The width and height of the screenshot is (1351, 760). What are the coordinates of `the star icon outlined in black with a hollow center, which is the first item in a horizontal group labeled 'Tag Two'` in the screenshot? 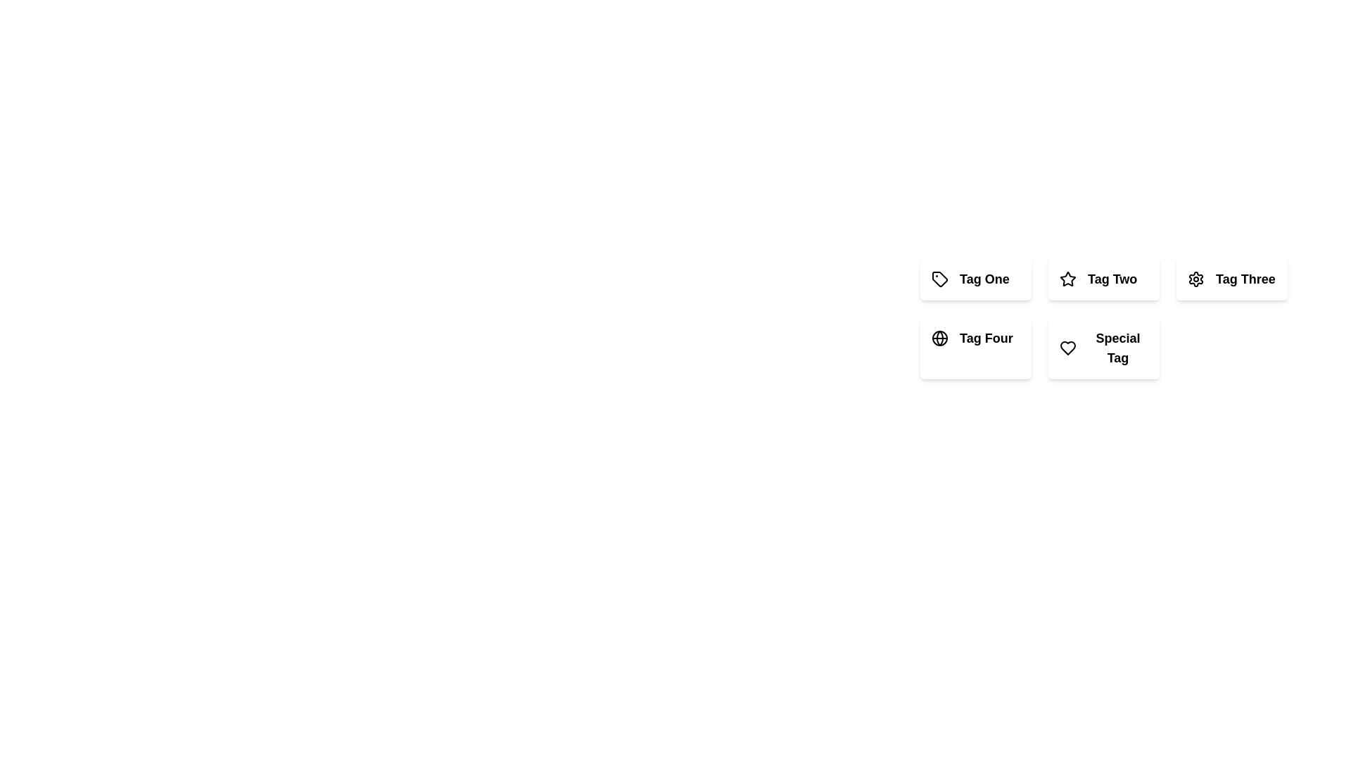 It's located at (1067, 279).